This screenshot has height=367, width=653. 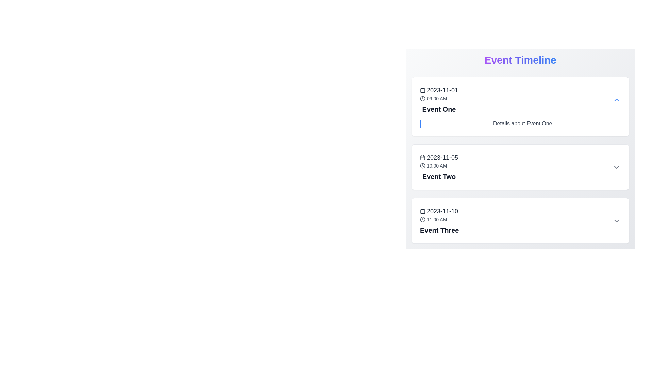 What do you see at coordinates (523, 123) in the screenshot?
I see `the text block displaying 'Details about Event One' which is styled in gray and located under the title 'Event One' in the 'Event Timeline' section` at bounding box center [523, 123].